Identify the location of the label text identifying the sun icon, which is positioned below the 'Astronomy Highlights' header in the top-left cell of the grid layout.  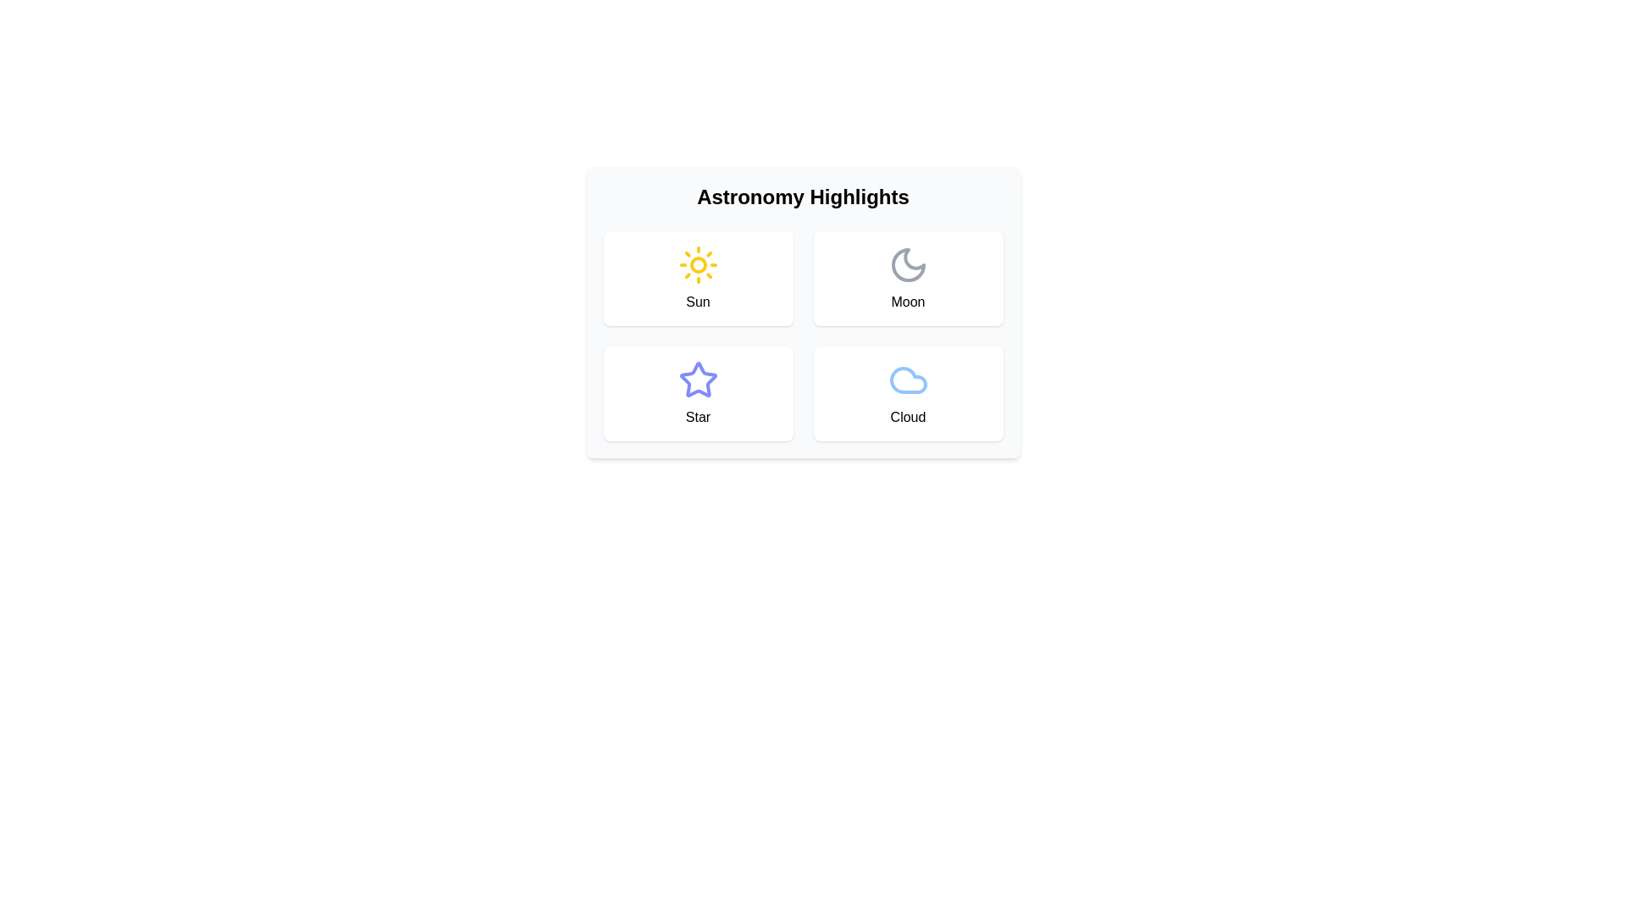
(698, 302).